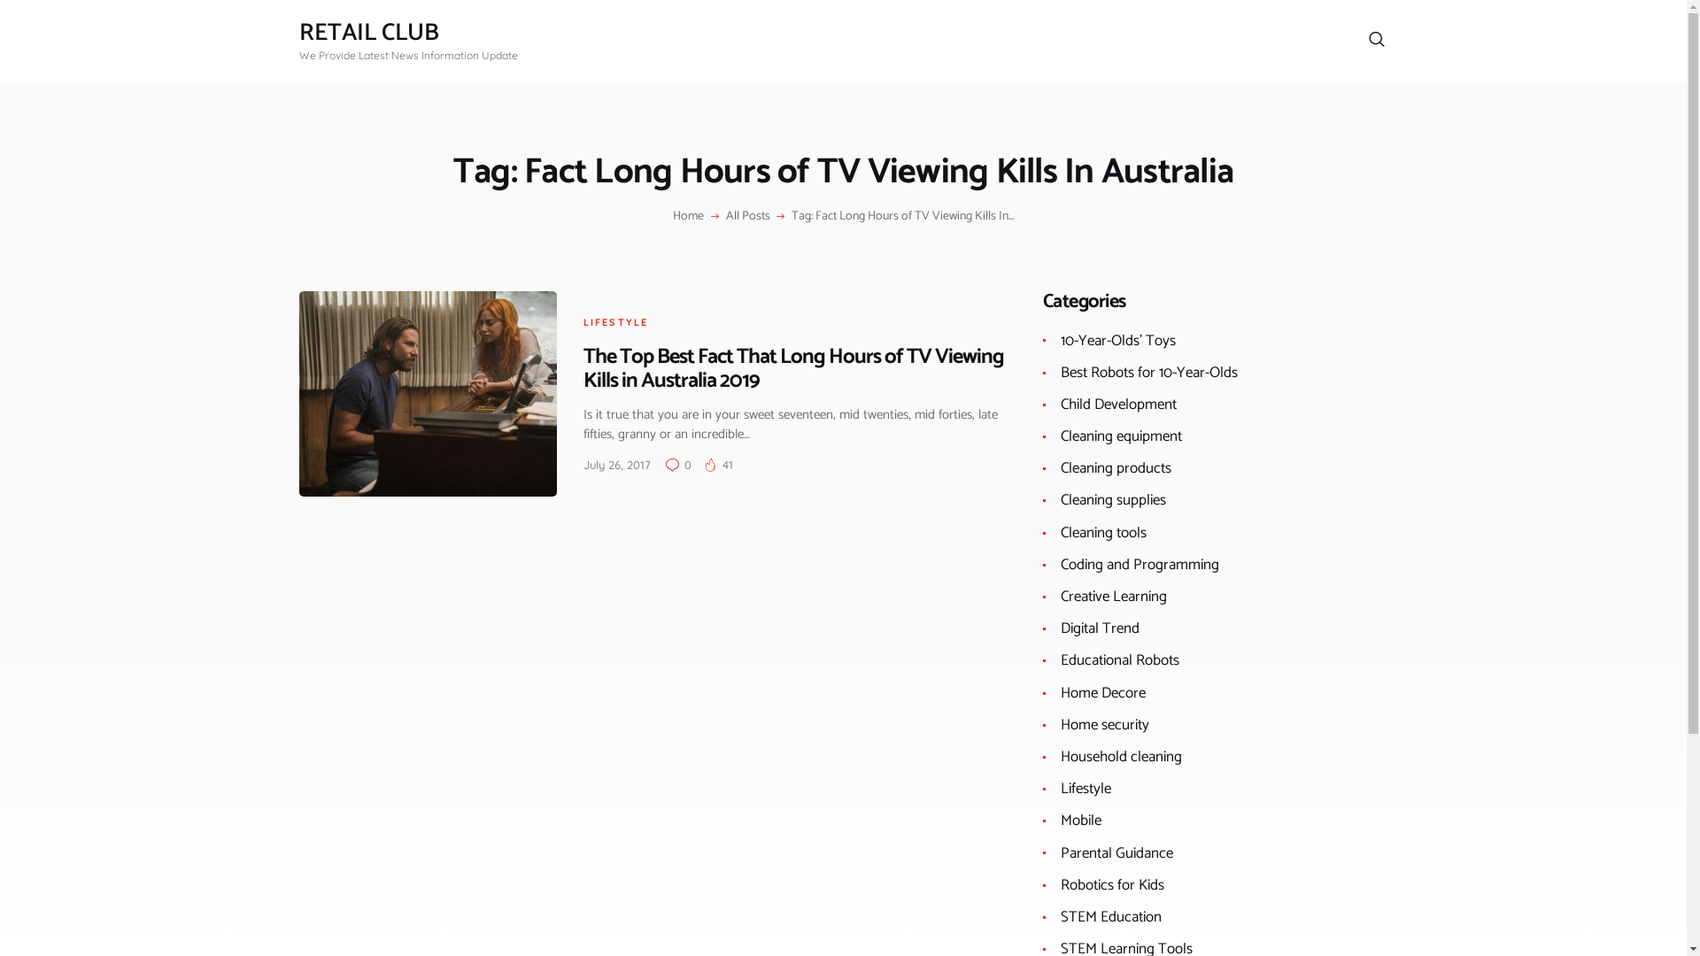 The width and height of the screenshot is (1700, 956). What do you see at coordinates (615, 321) in the screenshot?
I see `'LIFESTYLE'` at bounding box center [615, 321].